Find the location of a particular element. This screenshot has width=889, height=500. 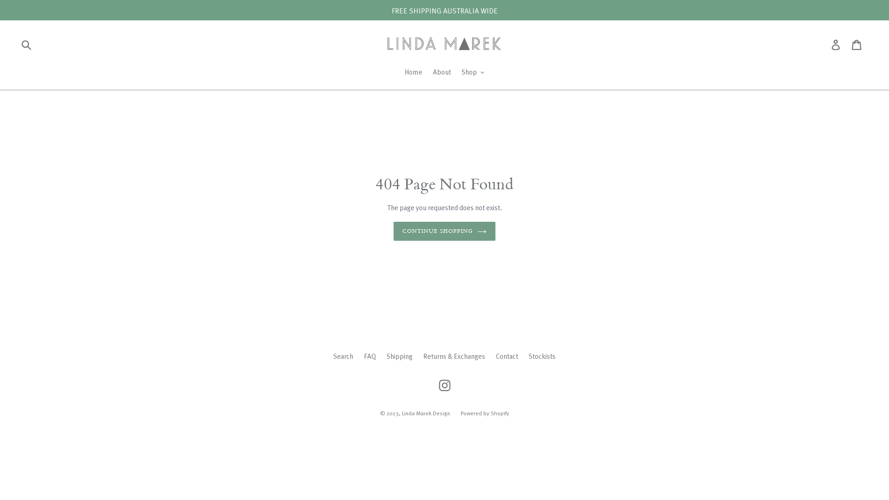

'Powered by Shopify' is located at coordinates (484, 412).